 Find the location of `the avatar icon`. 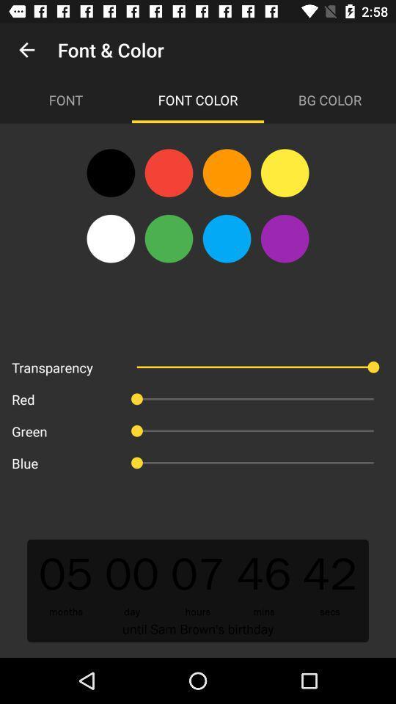

the avatar icon is located at coordinates (168, 173).